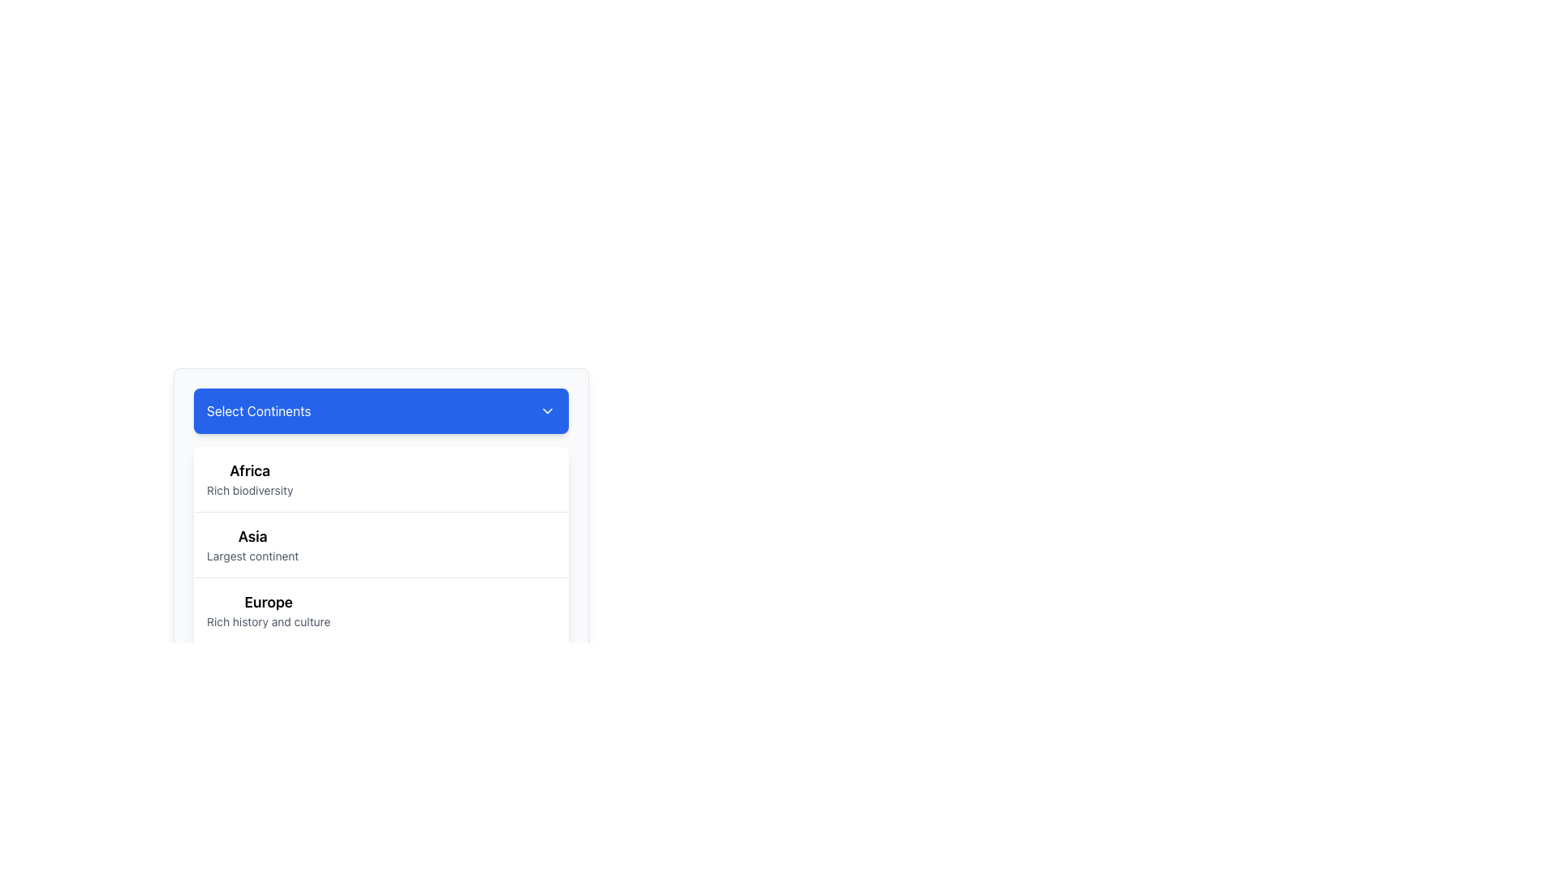  I want to click on the text label displaying 'Africa', which is a bold and larger font indicating a high-level heading, located below the 'Select Continents' dropdown and is the first item in the list, so click(249, 471).